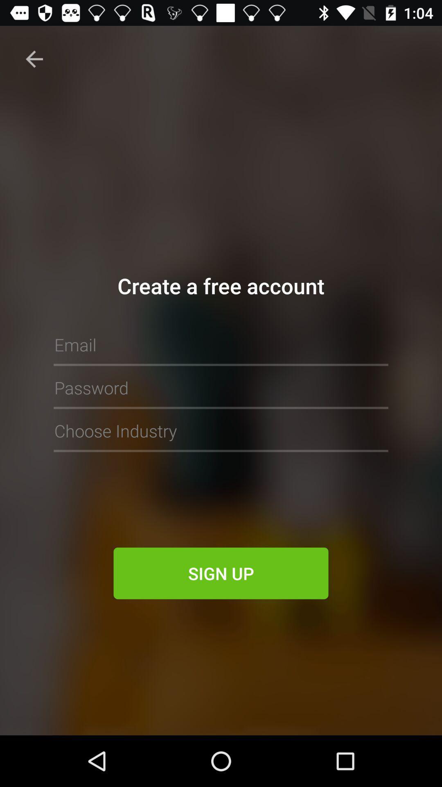  What do you see at coordinates (34, 59) in the screenshot?
I see `the arrow_backward icon` at bounding box center [34, 59].